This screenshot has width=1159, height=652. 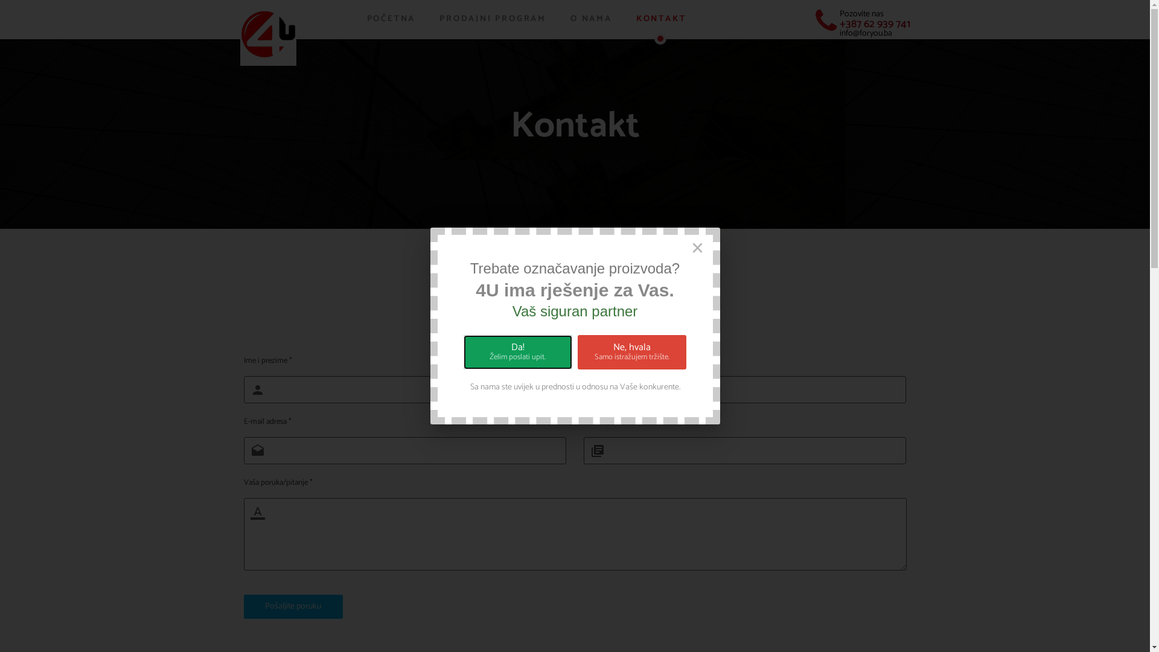 I want to click on 'O NAMA', so click(x=591, y=19).